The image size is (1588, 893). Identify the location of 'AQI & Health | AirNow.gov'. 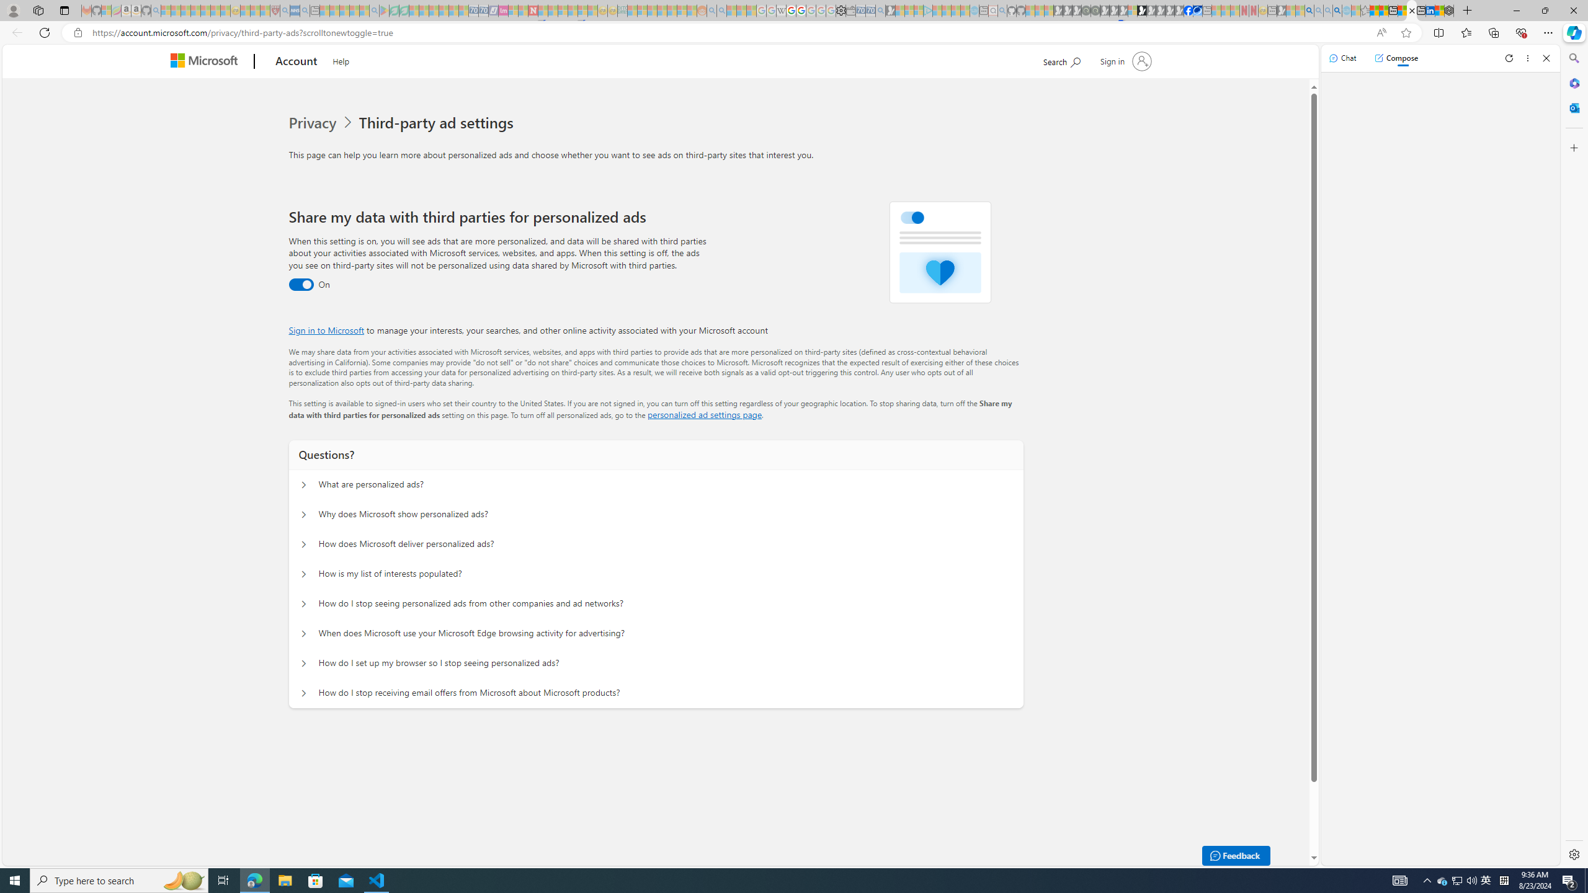
(1198, 10).